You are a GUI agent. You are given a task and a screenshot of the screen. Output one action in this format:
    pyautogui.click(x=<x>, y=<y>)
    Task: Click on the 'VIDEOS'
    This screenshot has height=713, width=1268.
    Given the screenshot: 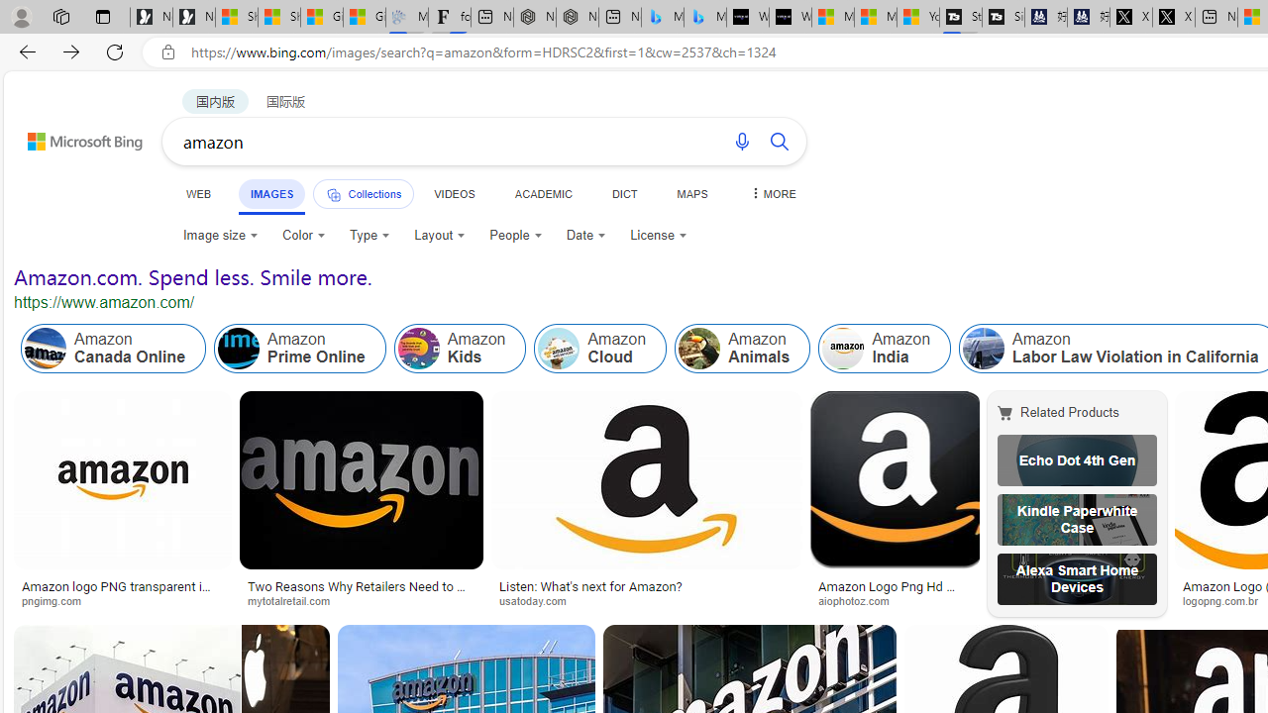 What is the action you would take?
    pyautogui.click(x=453, y=193)
    